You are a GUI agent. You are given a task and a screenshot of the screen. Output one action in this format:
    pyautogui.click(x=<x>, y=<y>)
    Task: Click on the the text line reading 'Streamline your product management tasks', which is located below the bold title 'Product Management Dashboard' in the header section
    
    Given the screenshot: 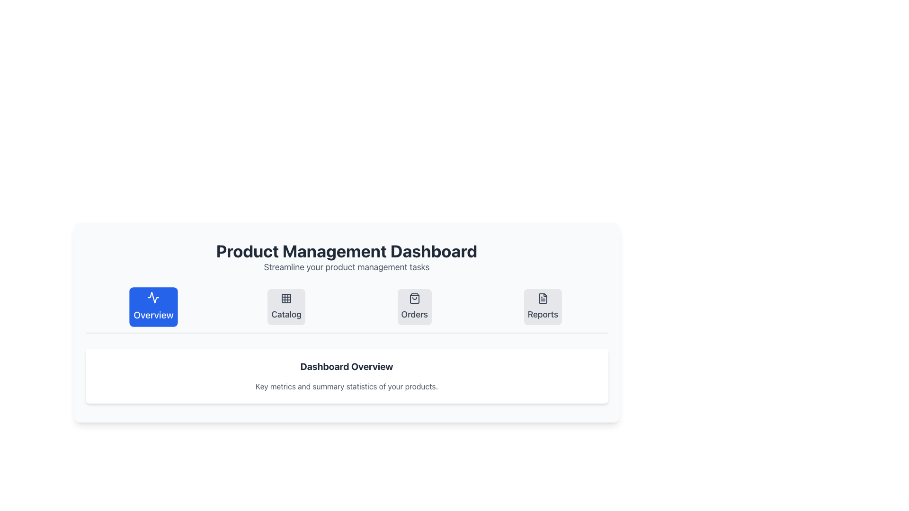 What is the action you would take?
    pyautogui.click(x=346, y=267)
    